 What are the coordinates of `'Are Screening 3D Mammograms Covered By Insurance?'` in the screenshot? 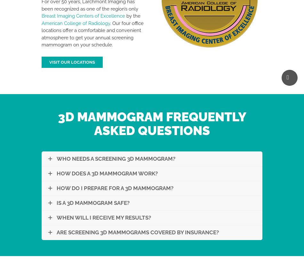 It's located at (56, 232).